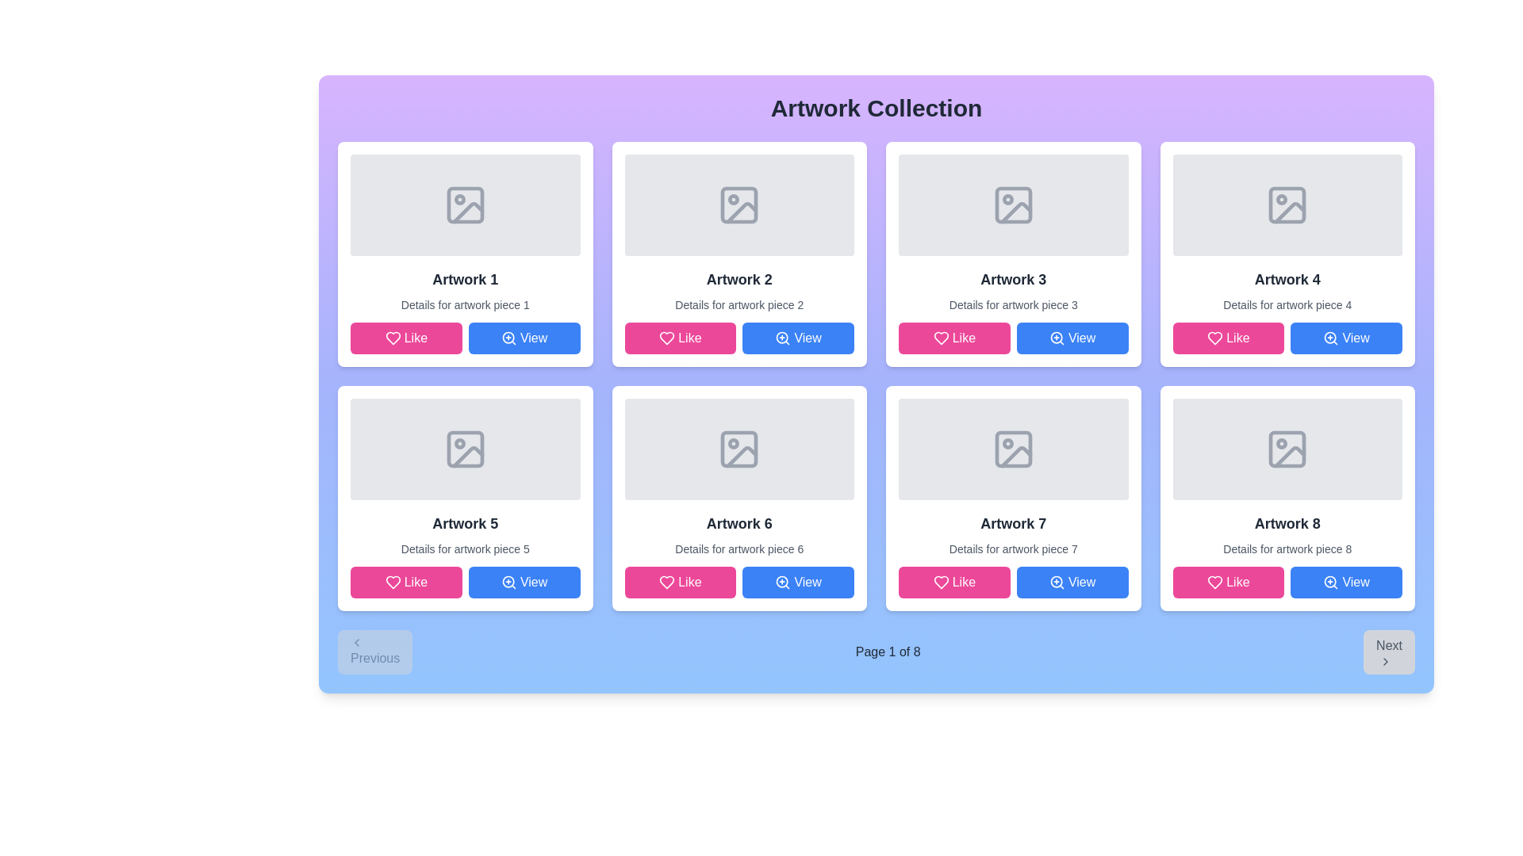 This screenshot has width=1523, height=856. What do you see at coordinates (953, 583) in the screenshot?
I see `the pink 'Like' button with rounded edges, featuring a heart icon and white text, located in the 'Artwork 7' section` at bounding box center [953, 583].